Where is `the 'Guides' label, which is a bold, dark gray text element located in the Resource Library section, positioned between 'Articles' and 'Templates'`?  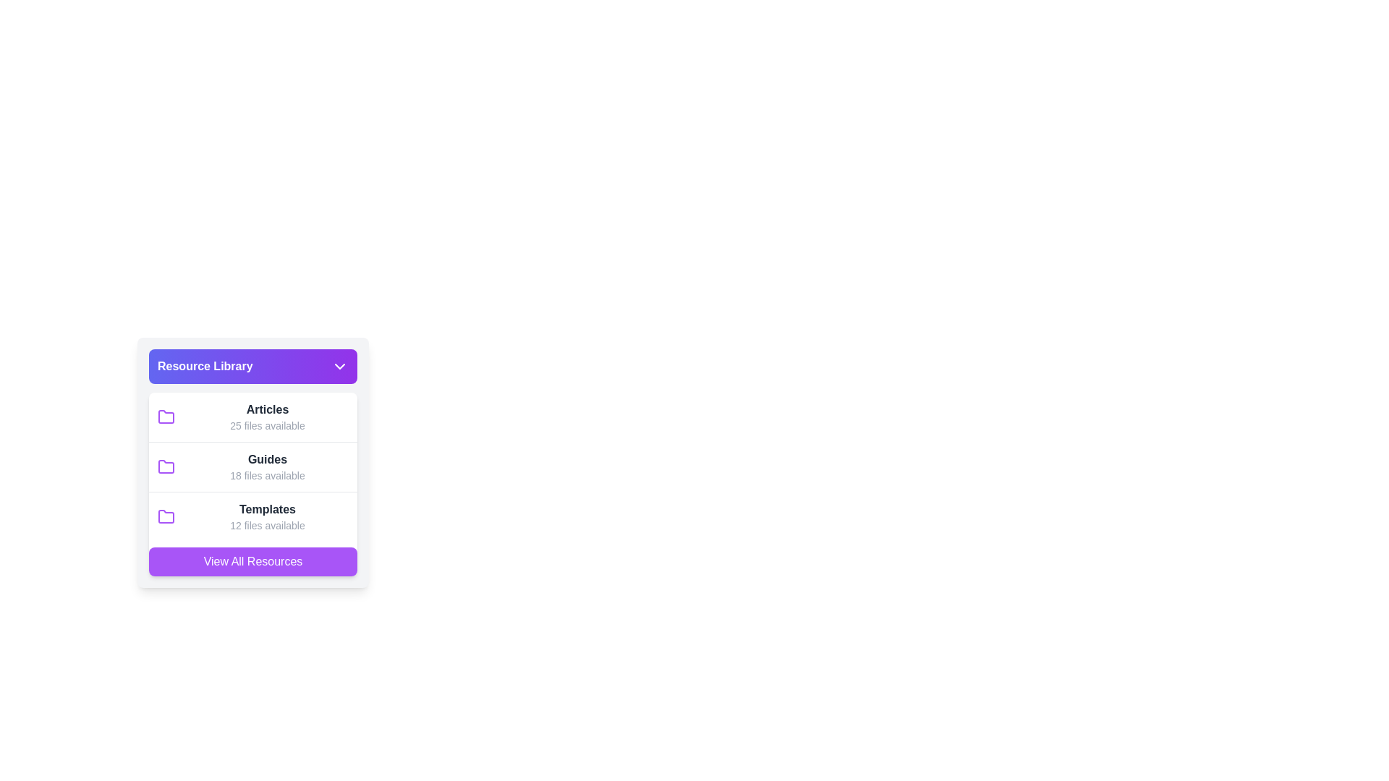 the 'Guides' label, which is a bold, dark gray text element located in the Resource Library section, positioned between 'Articles' and 'Templates' is located at coordinates (267, 460).